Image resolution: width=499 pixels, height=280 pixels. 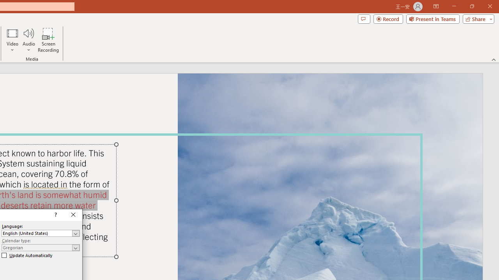 I want to click on 'Audio', so click(x=28, y=40).